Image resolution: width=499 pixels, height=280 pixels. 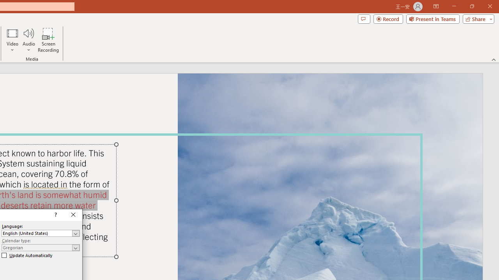 I want to click on 'Audio', so click(x=28, y=40).